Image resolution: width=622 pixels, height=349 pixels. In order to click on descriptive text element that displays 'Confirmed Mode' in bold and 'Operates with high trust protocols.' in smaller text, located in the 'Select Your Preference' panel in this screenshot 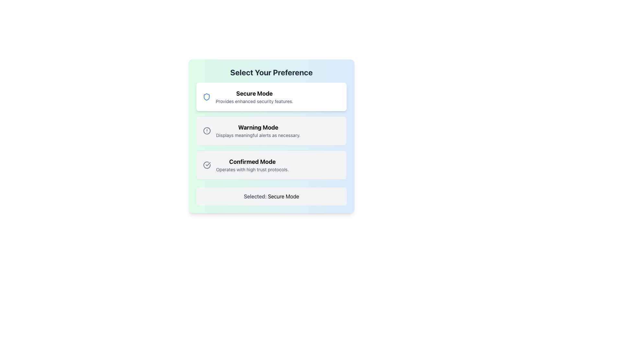, I will do `click(252, 164)`.